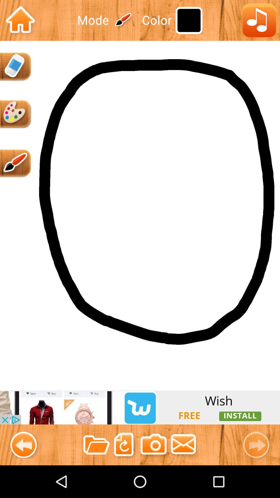 The height and width of the screenshot is (498, 280). What do you see at coordinates (183, 445) in the screenshot?
I see `email check option` at bounding box center [183, 445].